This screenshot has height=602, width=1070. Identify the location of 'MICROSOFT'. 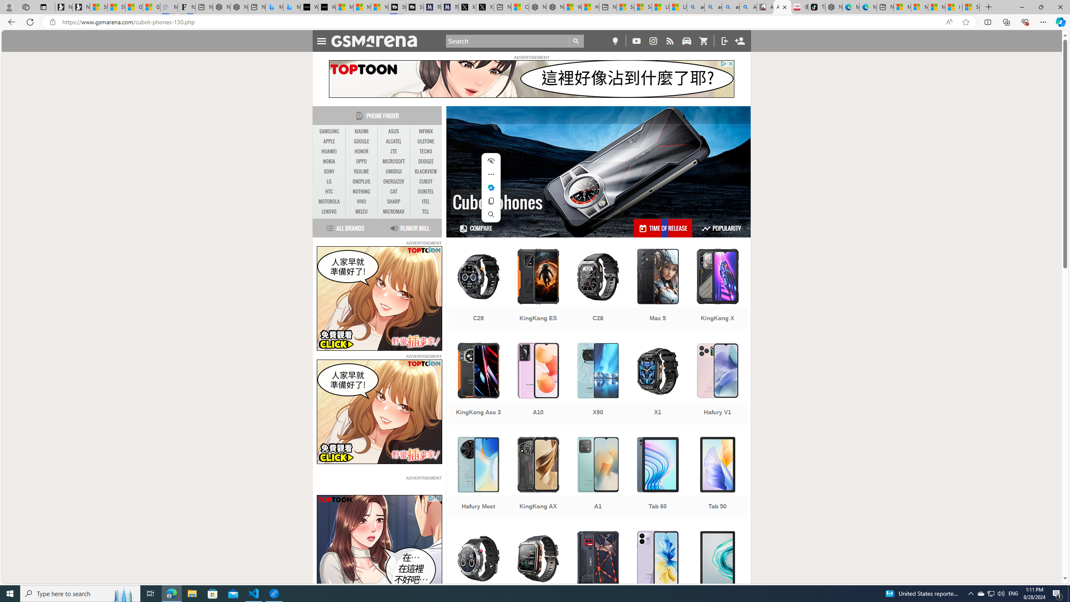
(393, 161).